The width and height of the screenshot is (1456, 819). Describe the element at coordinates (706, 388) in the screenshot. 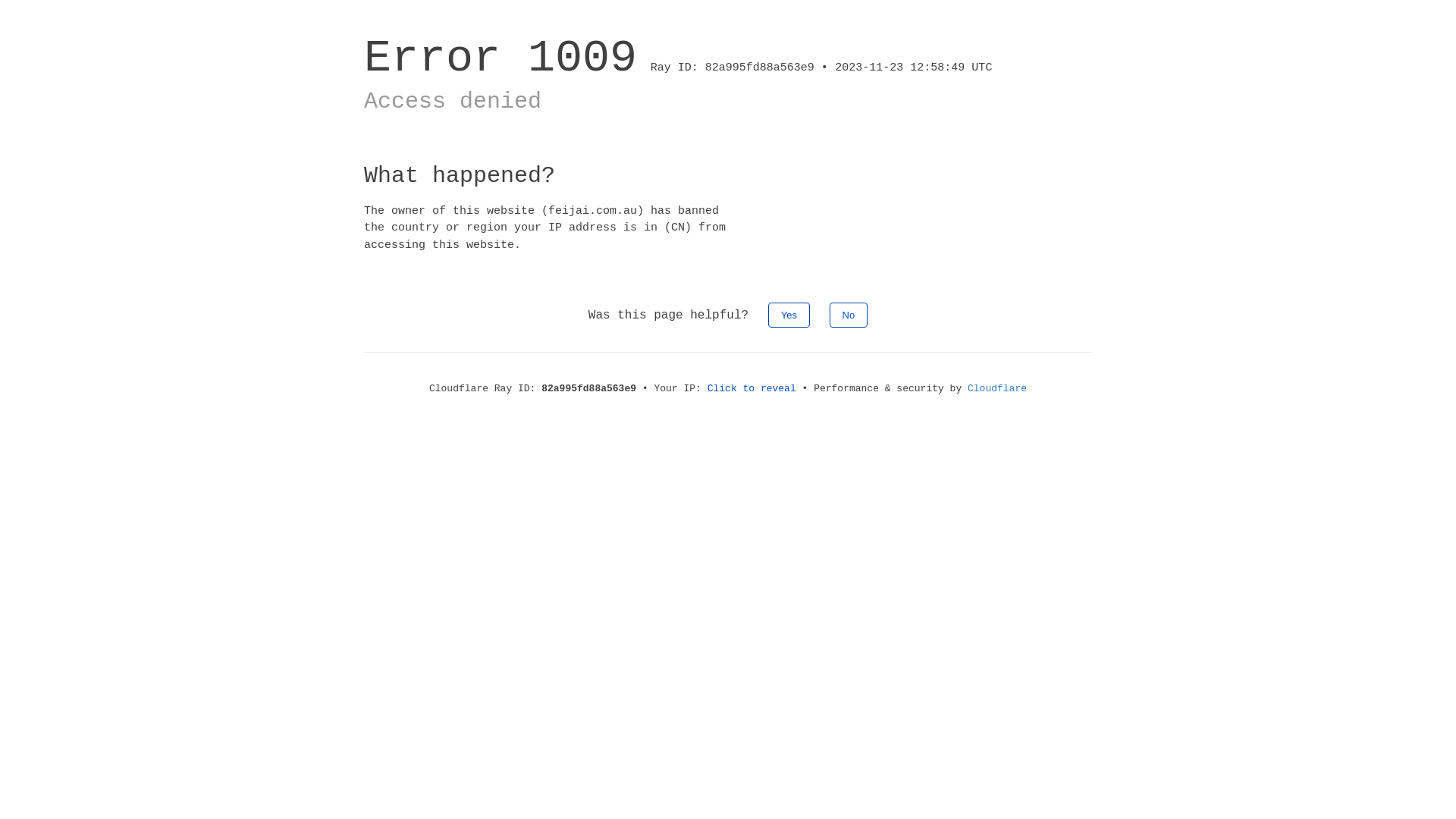

I see `'Click to reveal'` at that location.